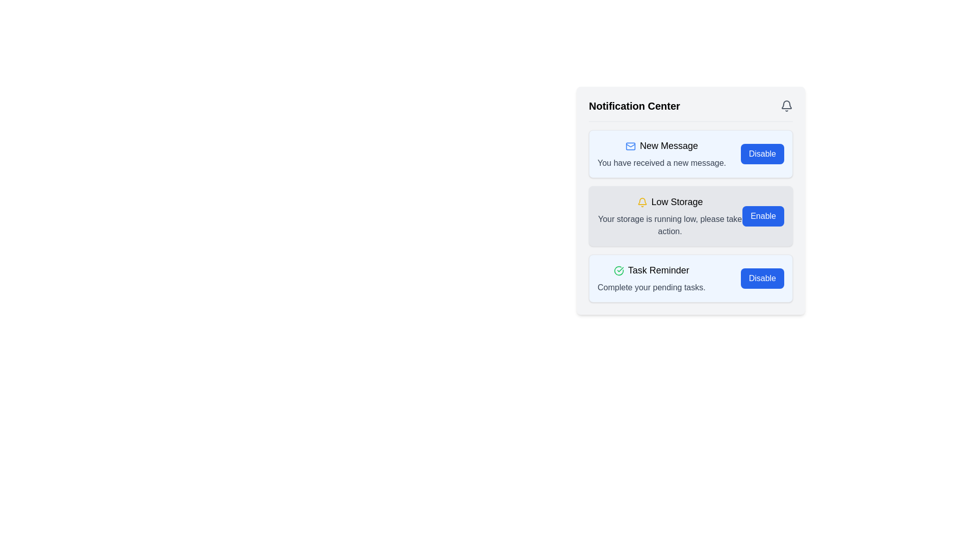  Describe the element at coordinates (634, 106) in the screenshot. I see `text content of the label indicating the purpose of the notification center, located at the top-left corner of the panel` at that location.